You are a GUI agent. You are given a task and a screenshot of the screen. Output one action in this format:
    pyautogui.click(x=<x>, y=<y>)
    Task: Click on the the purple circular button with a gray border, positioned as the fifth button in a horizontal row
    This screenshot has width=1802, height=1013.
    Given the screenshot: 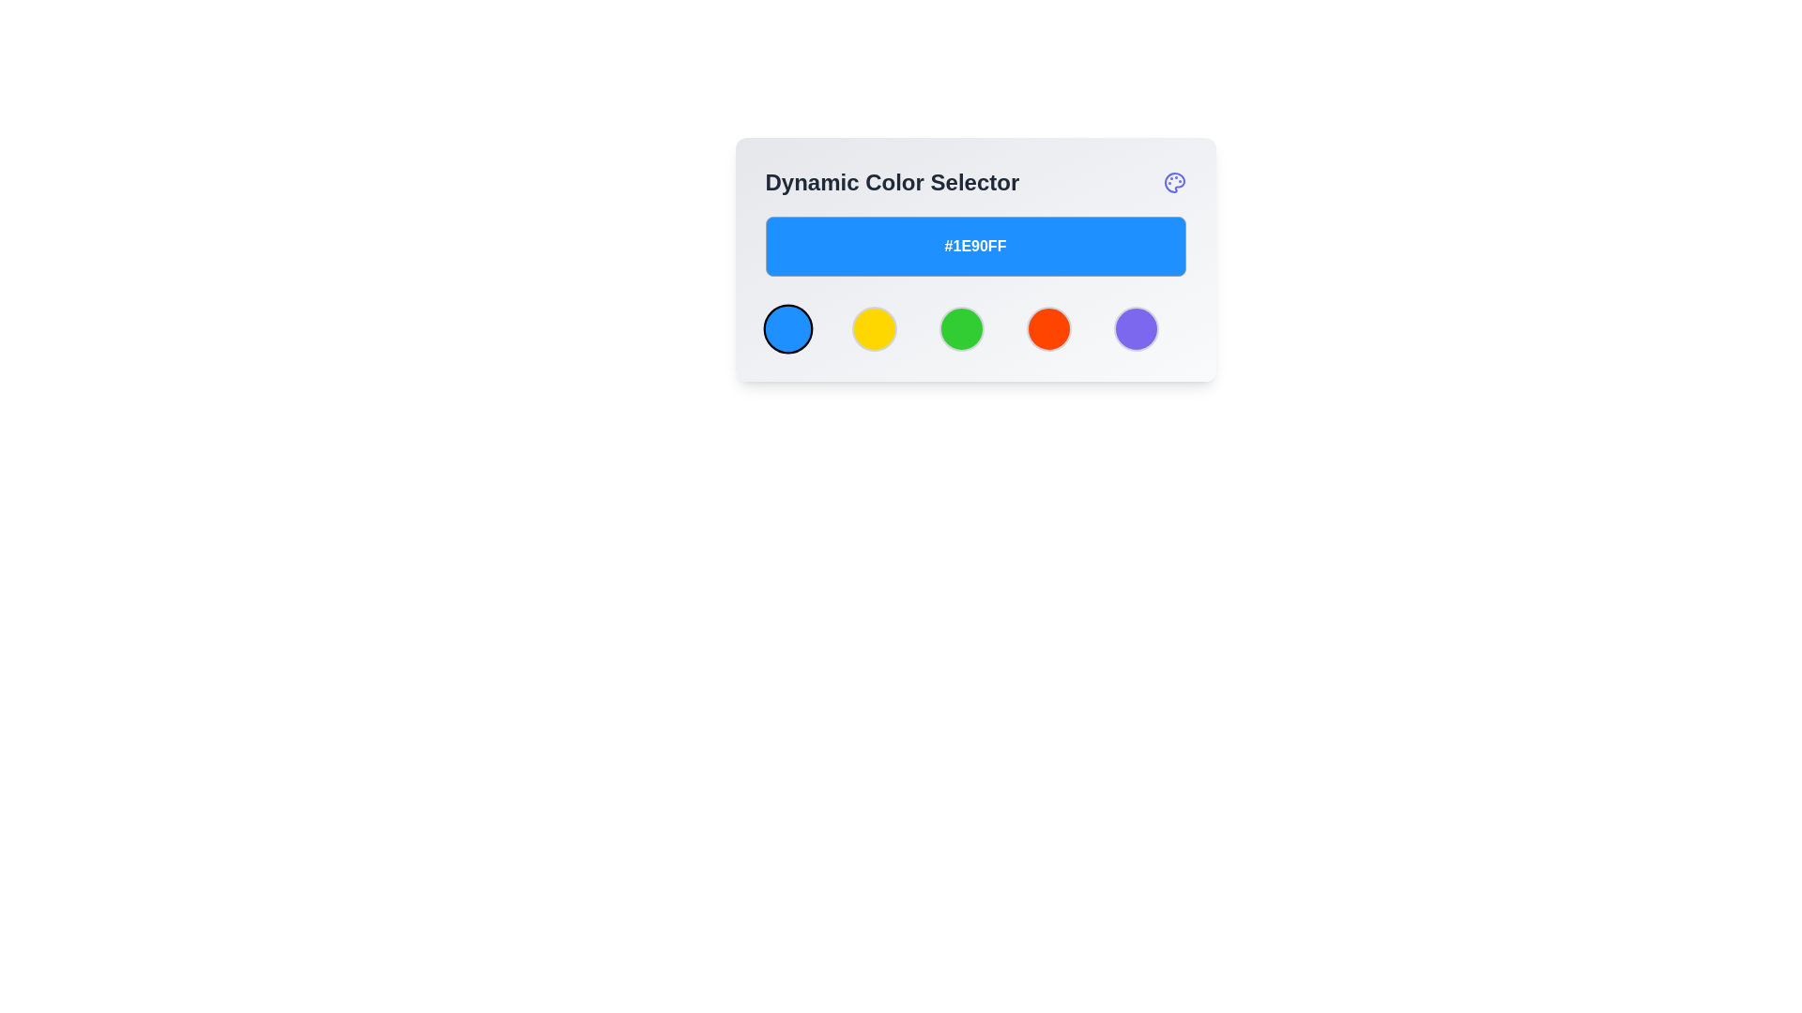 What is the action you would take?
    pyautogui.click(x=1135, y=328)
    